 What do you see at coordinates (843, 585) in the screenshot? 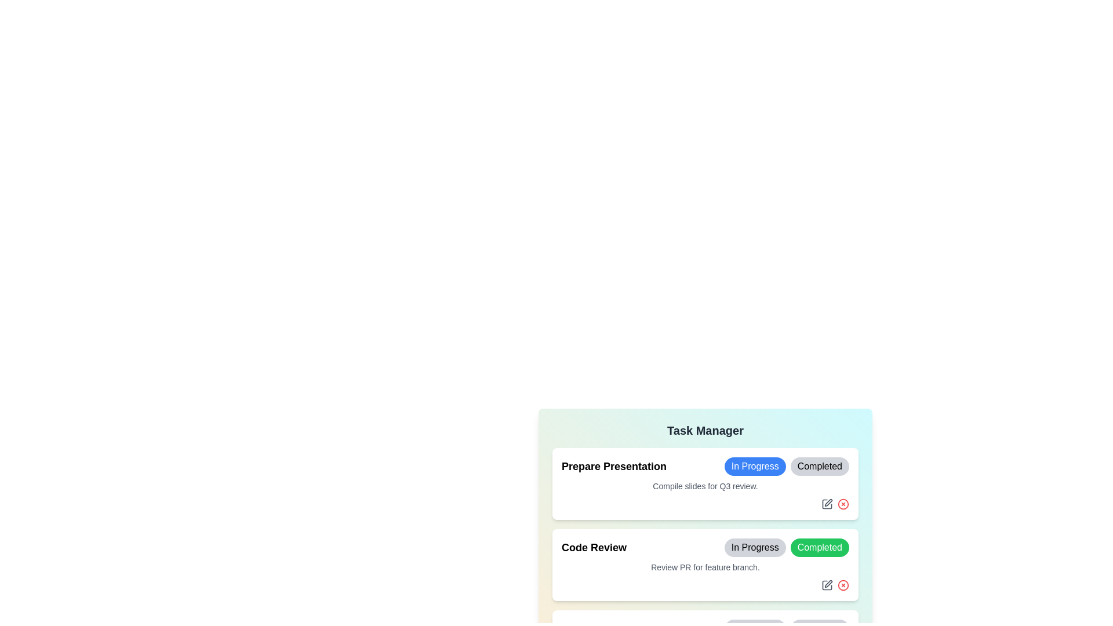
I see `the delete icon for the task titled 'Code Review'` at bounding box center [843, 585].